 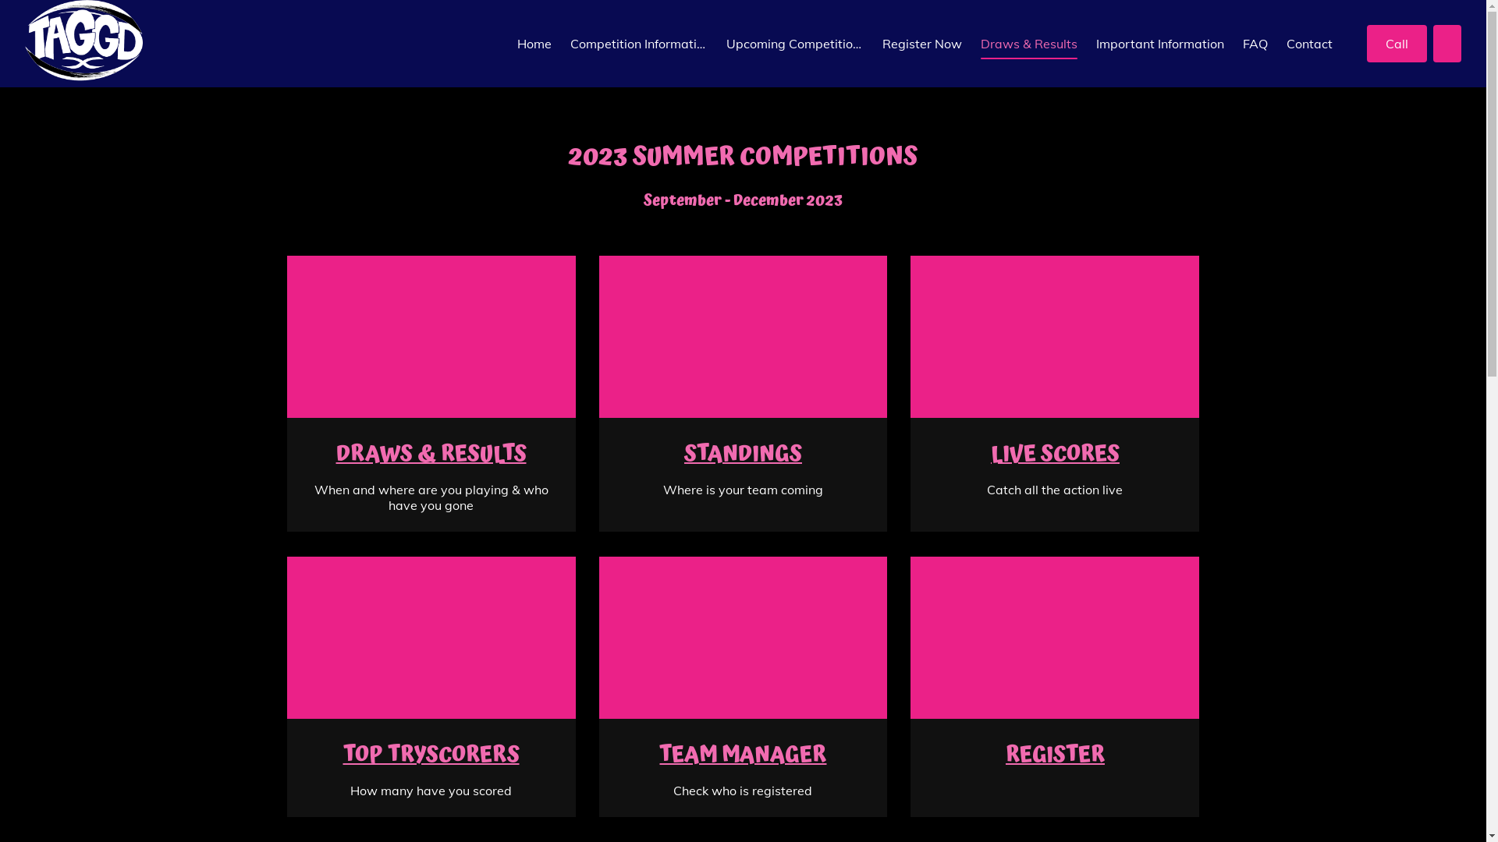 I want to click on 'Competition Information', so click(x=639, y=43).